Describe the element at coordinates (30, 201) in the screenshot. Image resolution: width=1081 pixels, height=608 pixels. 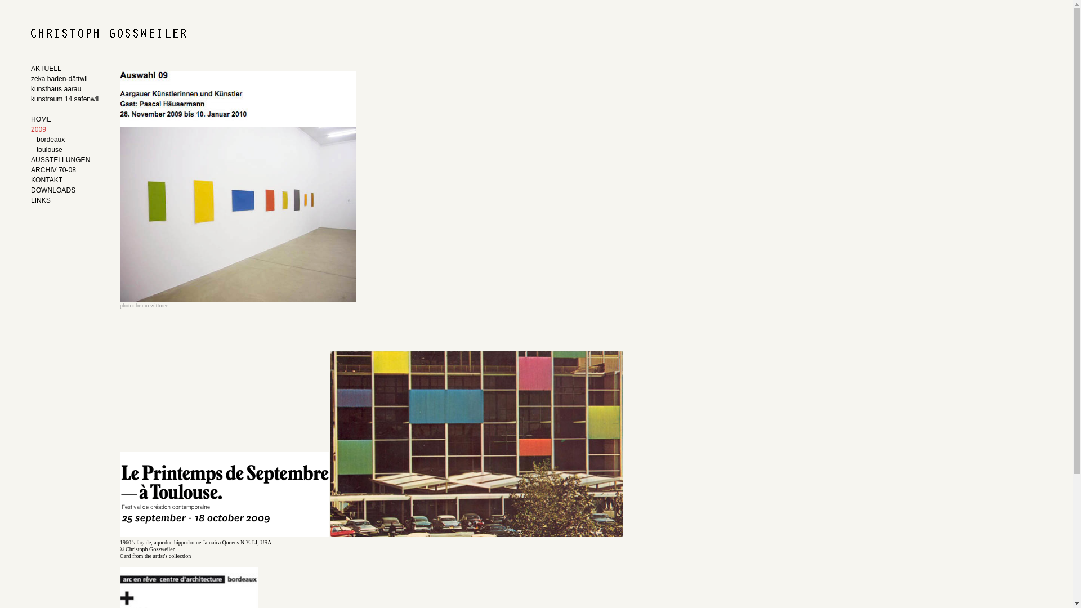
I see `'LINKS'` at that location.